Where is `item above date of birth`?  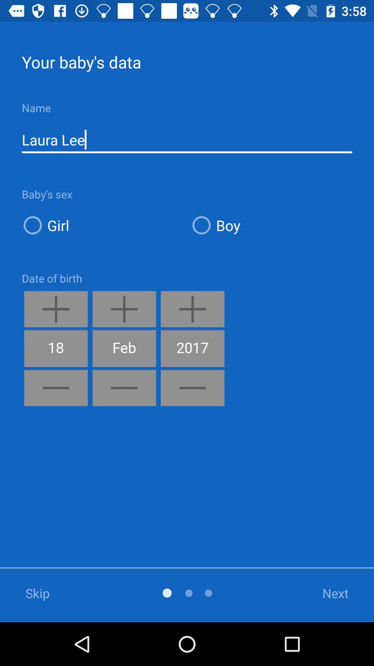 item above date of birth is located at coordinates (103, 225).